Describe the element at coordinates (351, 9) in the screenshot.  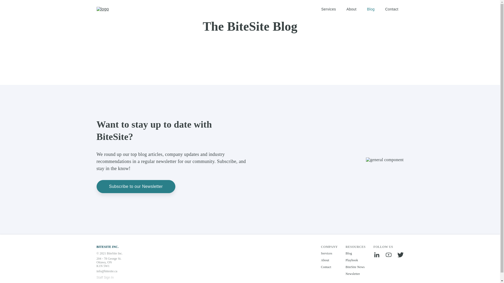
I see `'About'` at that location.